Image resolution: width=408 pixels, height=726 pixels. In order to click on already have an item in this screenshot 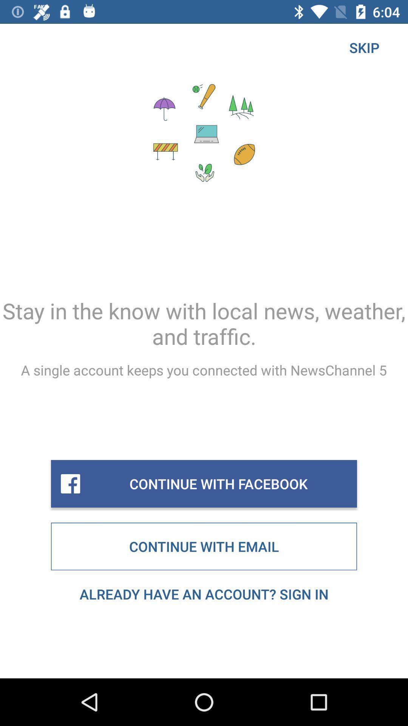, I will do `click(204, 594)`.